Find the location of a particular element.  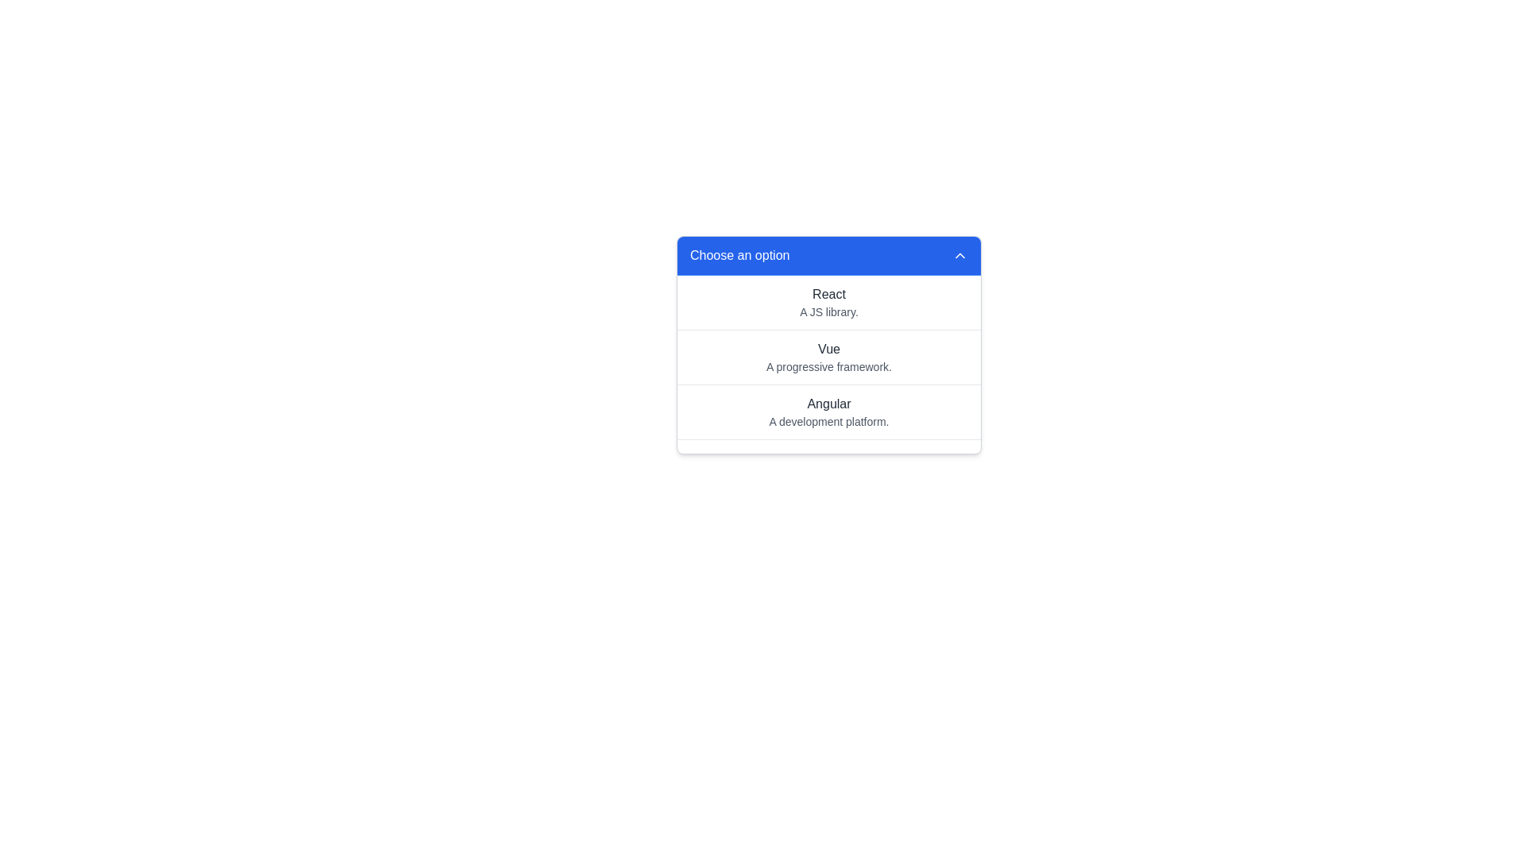

the rightmost arrow icon within the blue bar labeled 'Choose an option' is located at coordinates (959, 254).